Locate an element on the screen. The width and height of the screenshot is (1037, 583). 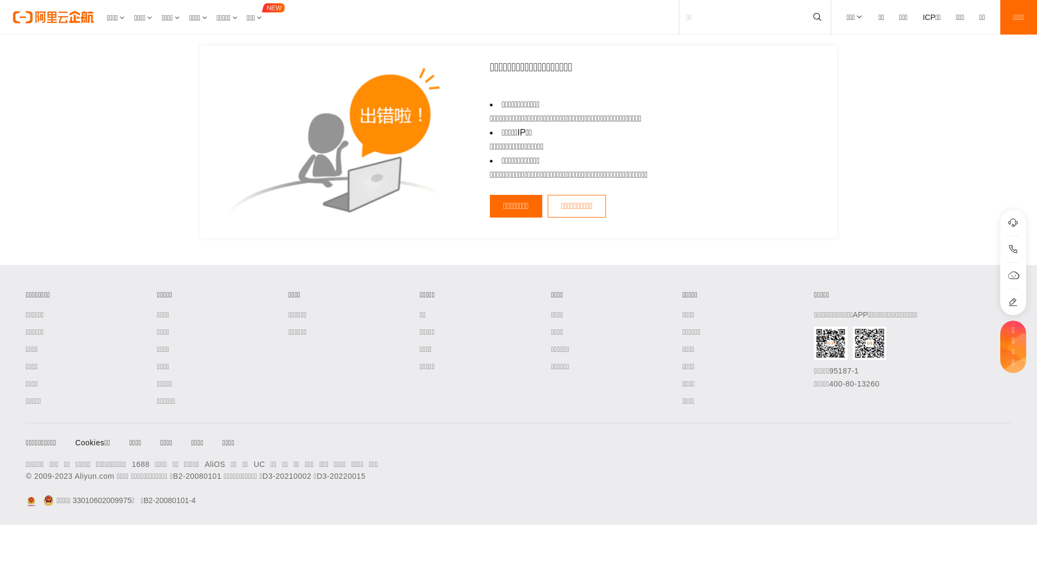
'UC' is located at coordinates (253, 464).